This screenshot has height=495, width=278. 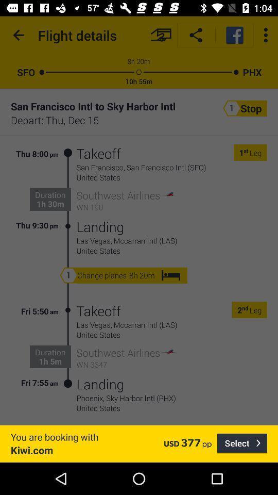 I want to click on pay for this flight, so click(x=161, y=35).